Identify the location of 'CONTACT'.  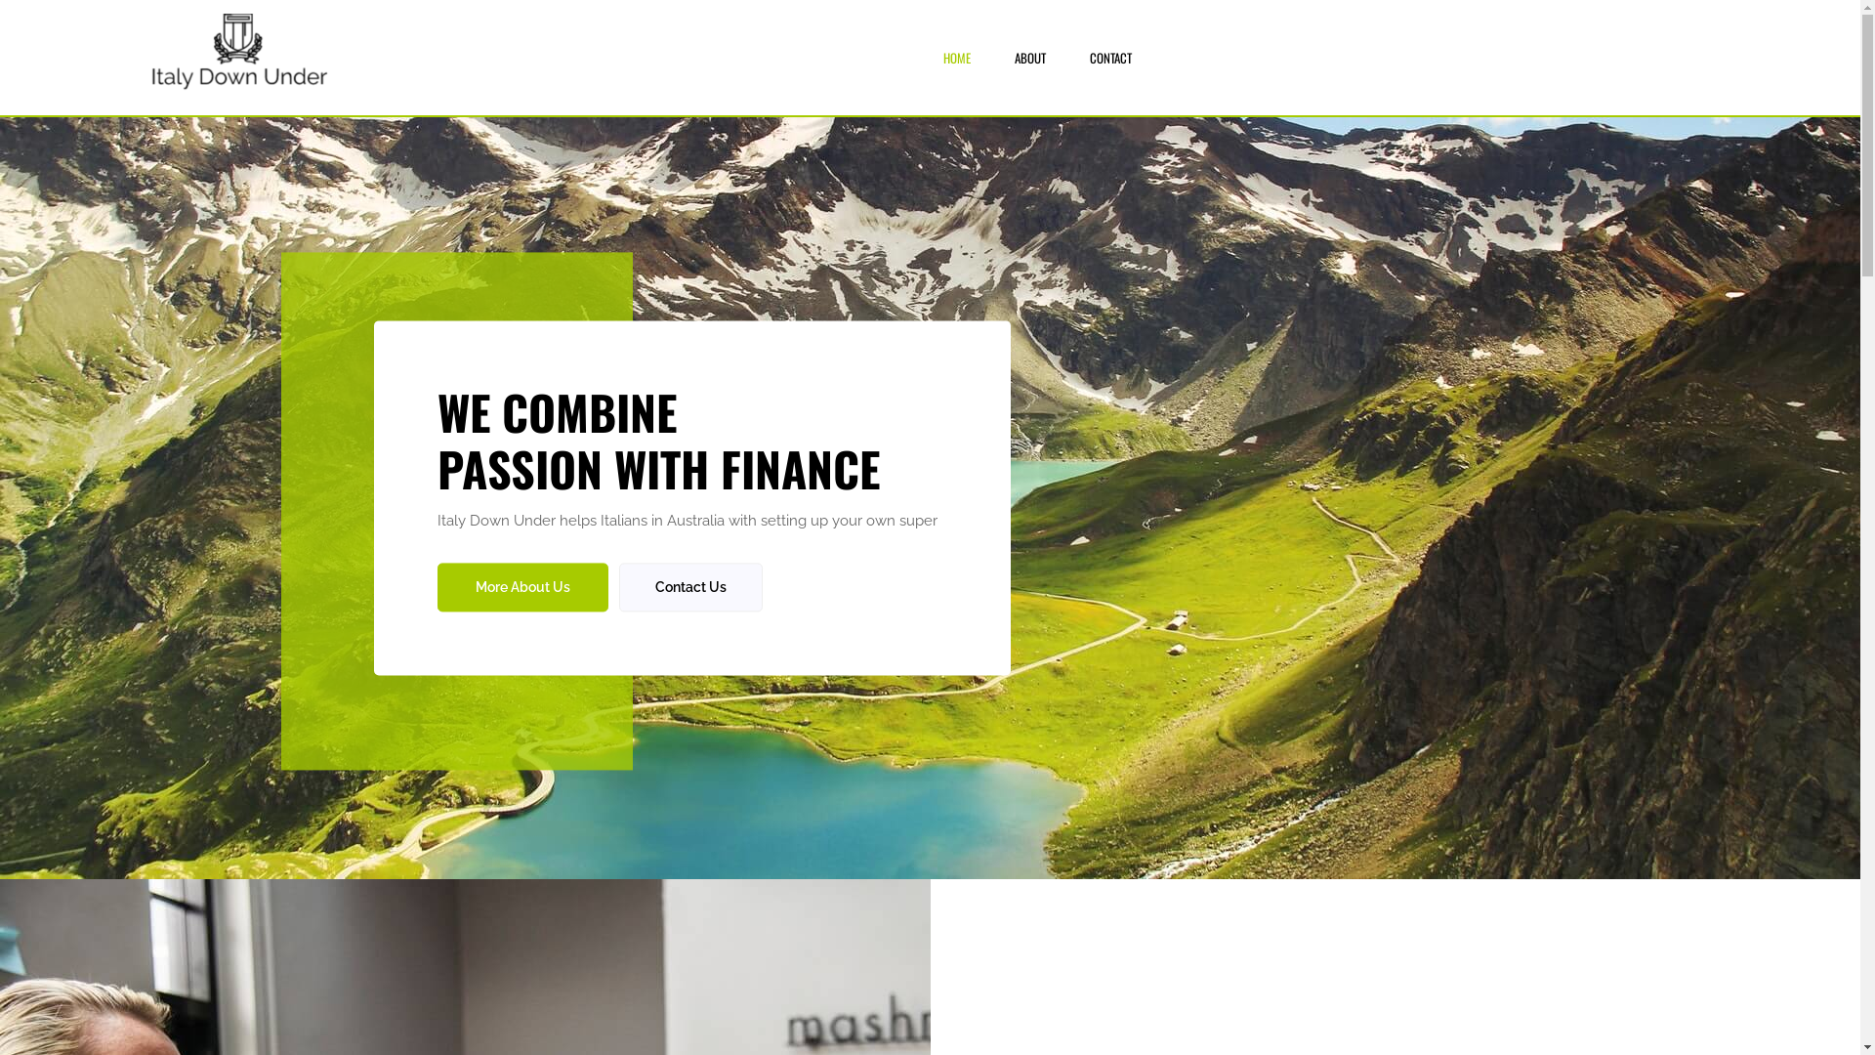
(1089, 56).